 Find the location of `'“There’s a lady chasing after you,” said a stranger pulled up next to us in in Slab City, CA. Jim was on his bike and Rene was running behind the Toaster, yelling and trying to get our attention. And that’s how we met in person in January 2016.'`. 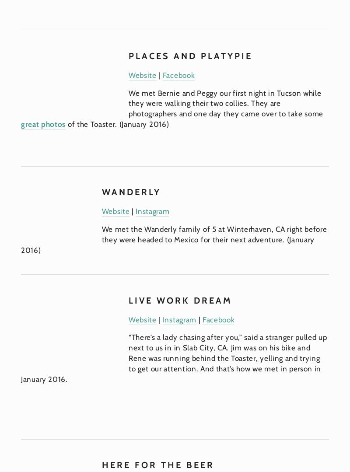

'“There’s a lady chasing after you,” said a stranger pulled up next to us in in Slab City, CA. Jim was on his bike and Rene was running behind the Toaster, yelling and trying to get our attention. And that’s how we met in person in January 2016.' is located at coordinates (175, 357).